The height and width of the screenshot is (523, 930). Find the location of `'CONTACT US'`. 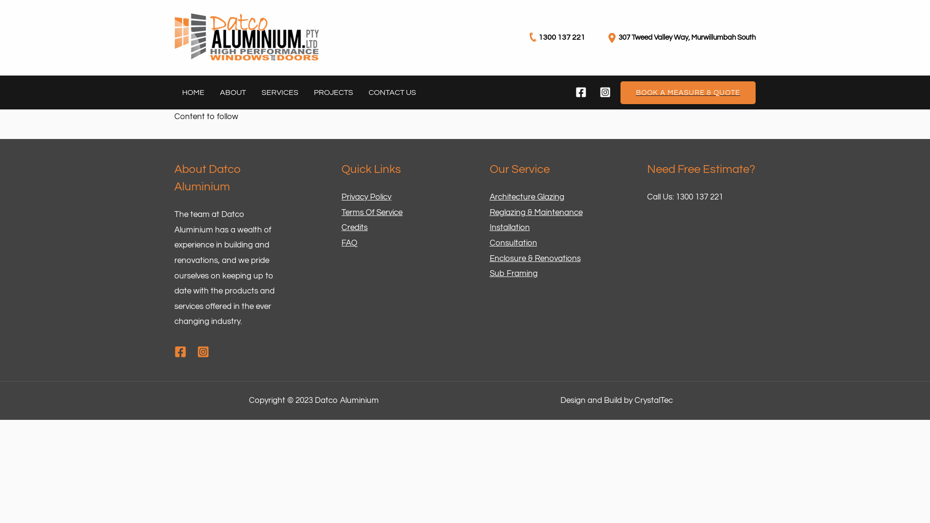

'CONTACT US' is located at coordinates (392, 92).